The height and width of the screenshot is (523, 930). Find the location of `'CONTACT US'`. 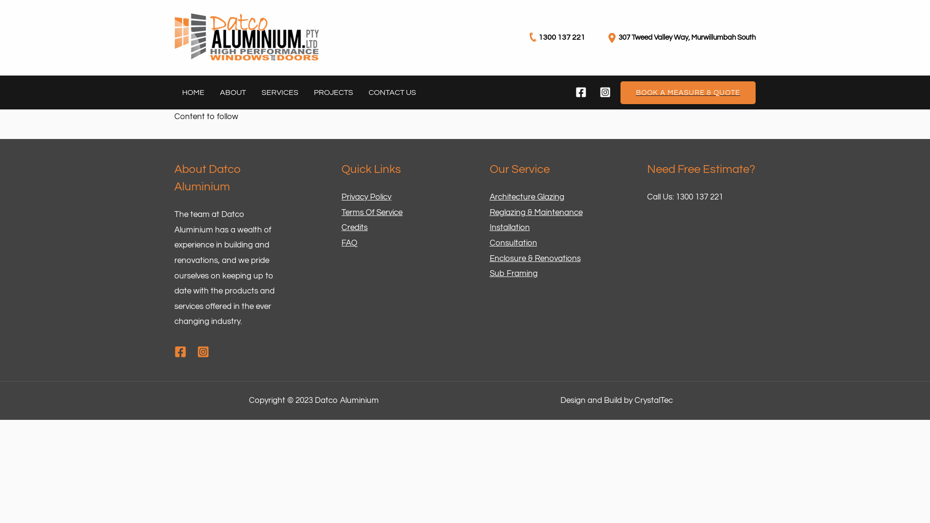

'CONTACT US' is located at coordinates (392, 92).